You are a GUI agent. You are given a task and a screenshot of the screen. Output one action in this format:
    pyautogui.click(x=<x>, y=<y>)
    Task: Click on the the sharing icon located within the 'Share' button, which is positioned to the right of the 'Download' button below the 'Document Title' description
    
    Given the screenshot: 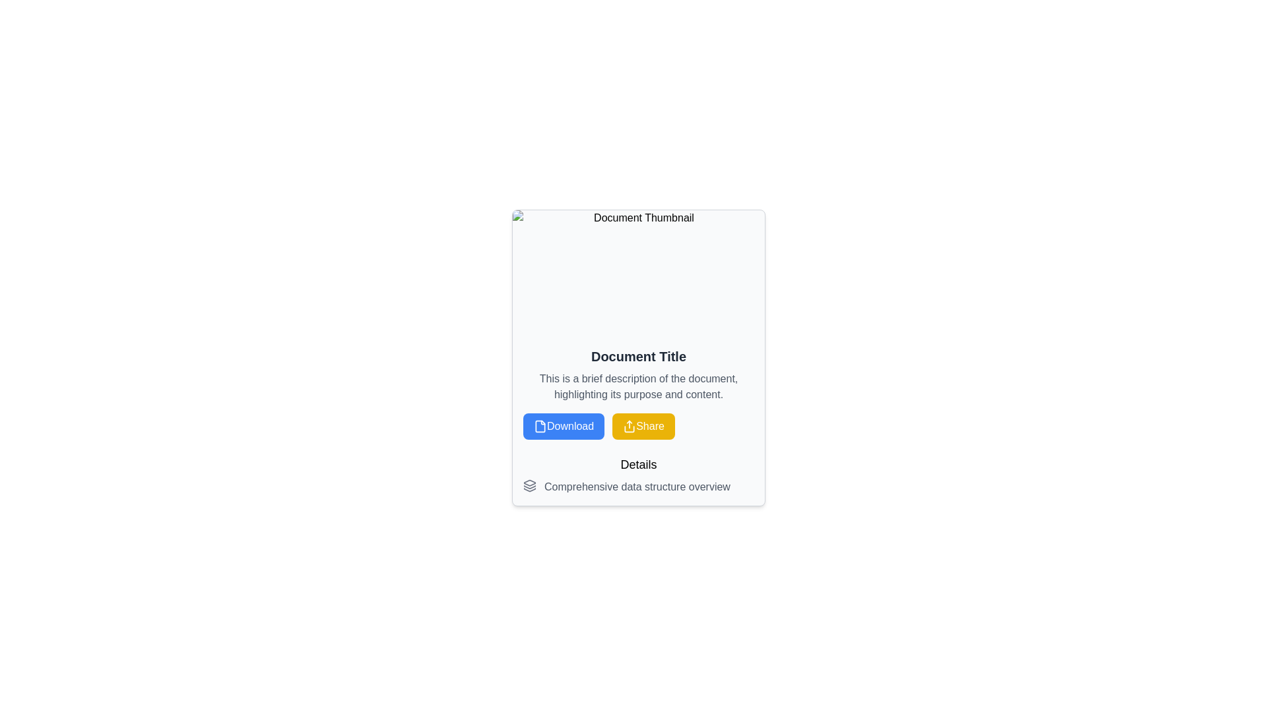 What is the action you would take?
    pyautogui.click(x=629, y=427)
    